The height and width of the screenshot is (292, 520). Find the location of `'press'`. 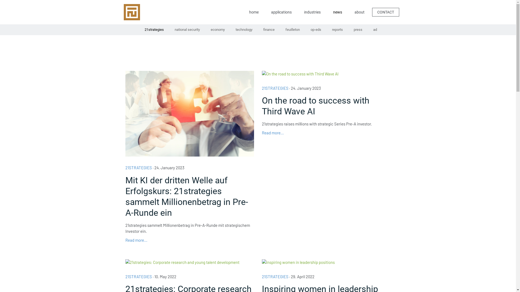

'press' is located at coordinates (358, 30).